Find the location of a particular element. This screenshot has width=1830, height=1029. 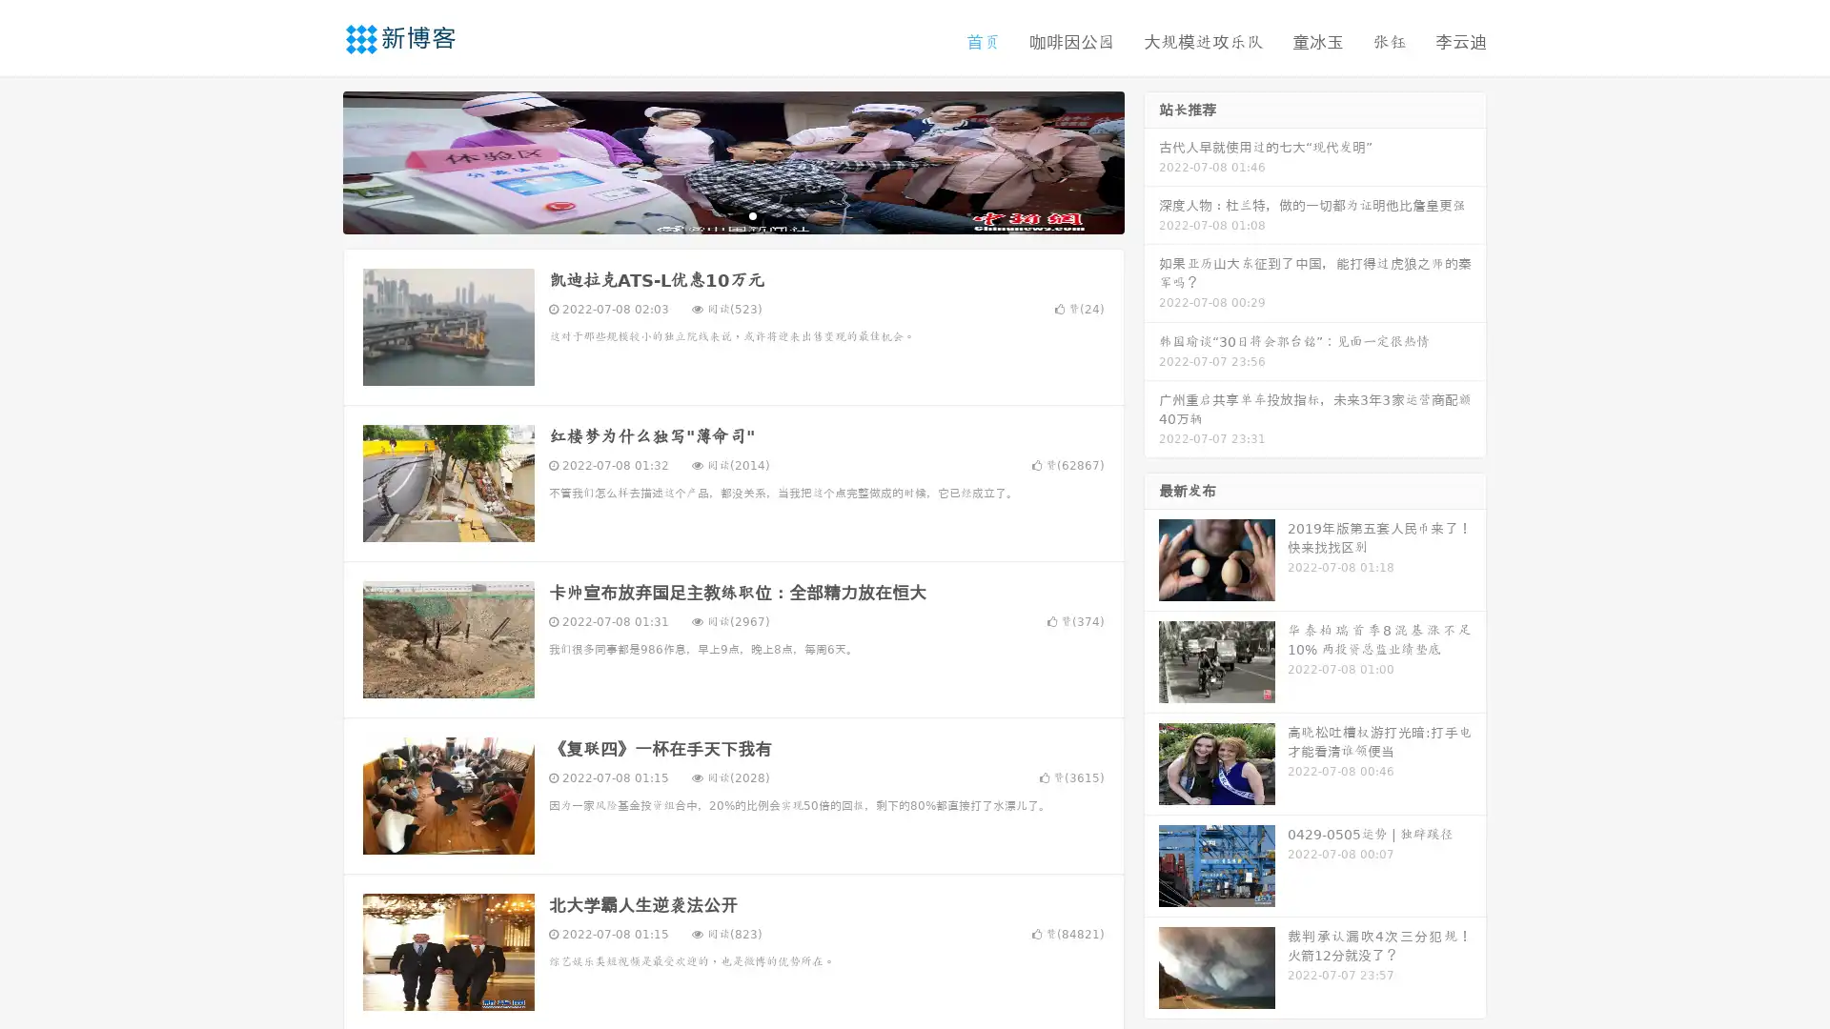

Go to slide 3 is located at coordinates (752, 214).